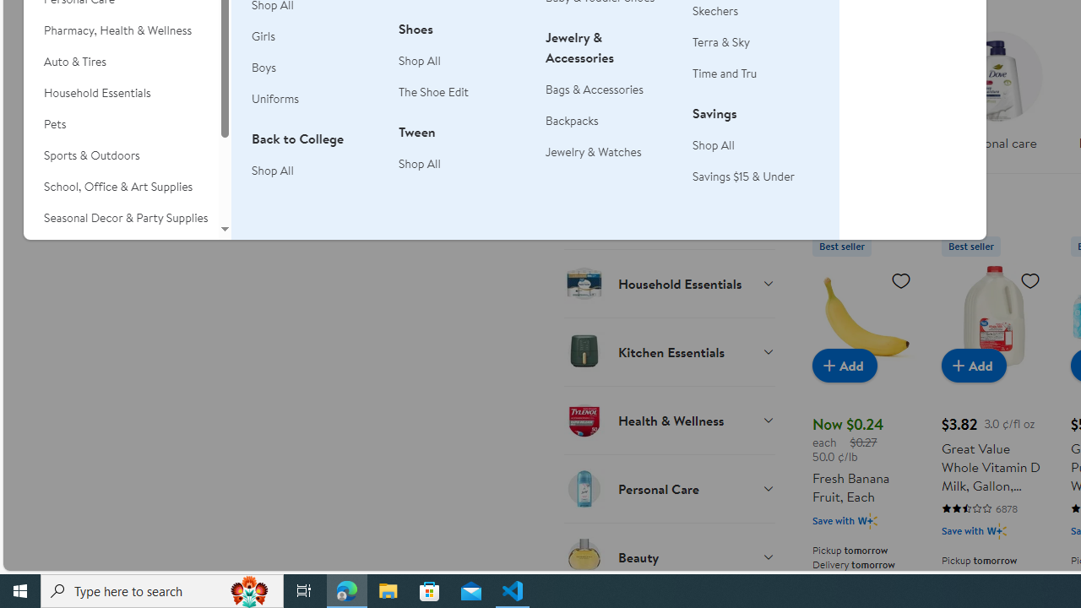 This screenshot has width=1081, height=608. What do you see at coordinates (120, 30) in the screenshot?
I see `'Pharmacy, Health & Wellness'` at bounding box center [120, 30].